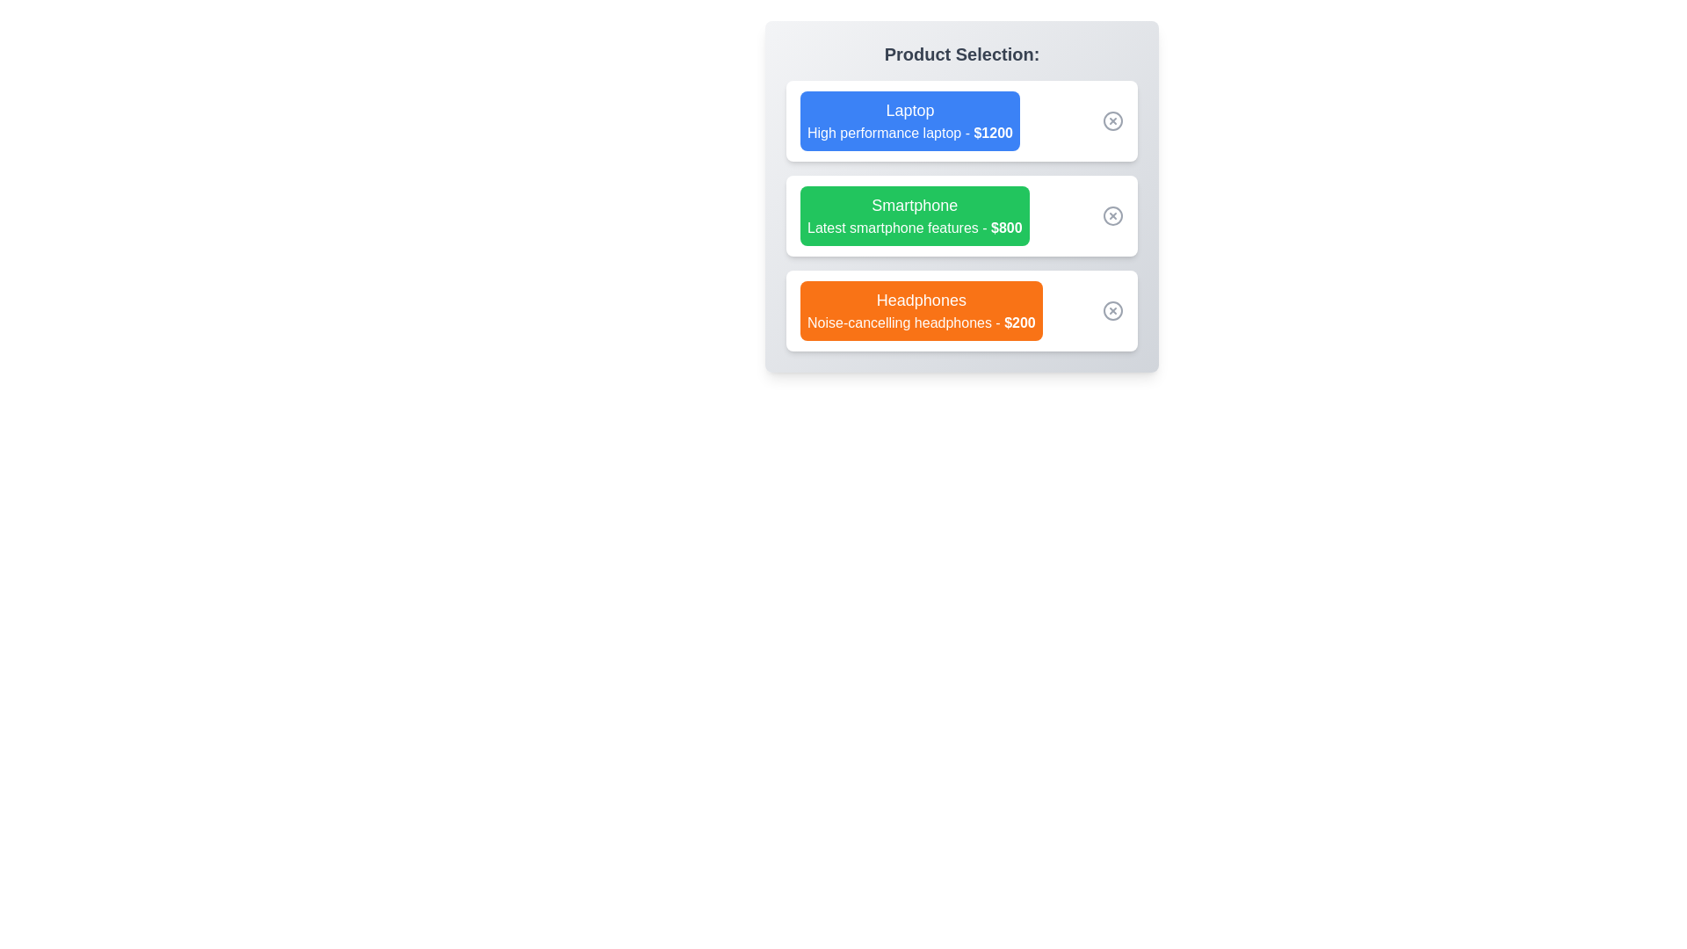 The width and height of the screenshot is (1687, 949). I want to click on the close button of the chip representing Headphones, so click(1112, 310).